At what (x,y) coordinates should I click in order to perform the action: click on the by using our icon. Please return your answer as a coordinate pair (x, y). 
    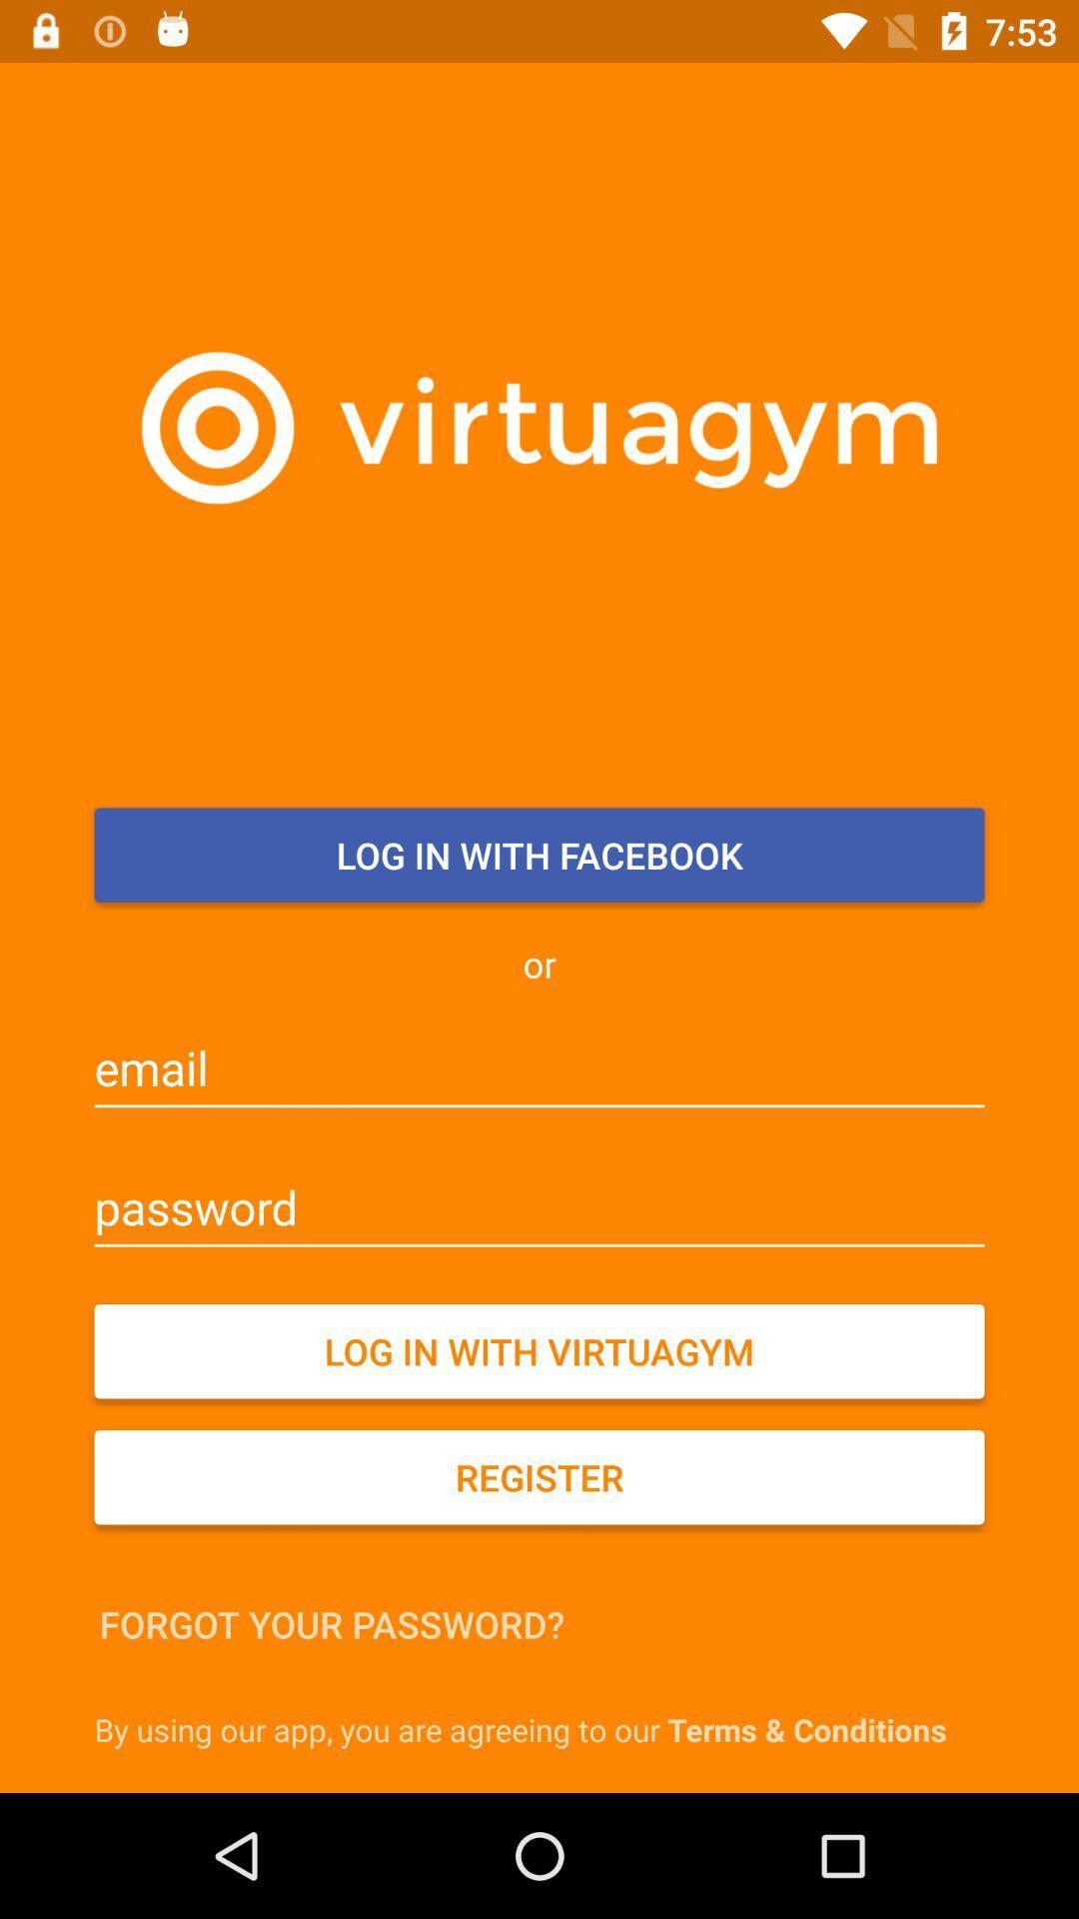
    Looking at the image, I should click on (544, 1728).